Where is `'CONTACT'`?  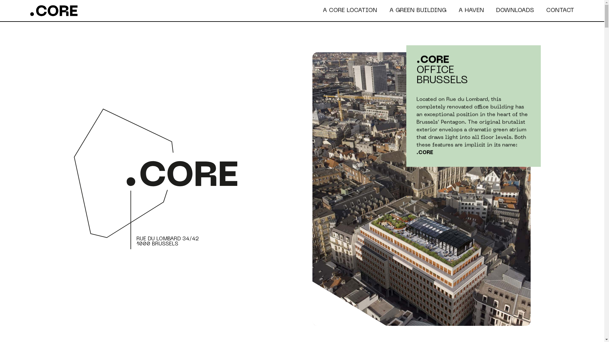
'CONTACT' is located at coordinates (560, 10).